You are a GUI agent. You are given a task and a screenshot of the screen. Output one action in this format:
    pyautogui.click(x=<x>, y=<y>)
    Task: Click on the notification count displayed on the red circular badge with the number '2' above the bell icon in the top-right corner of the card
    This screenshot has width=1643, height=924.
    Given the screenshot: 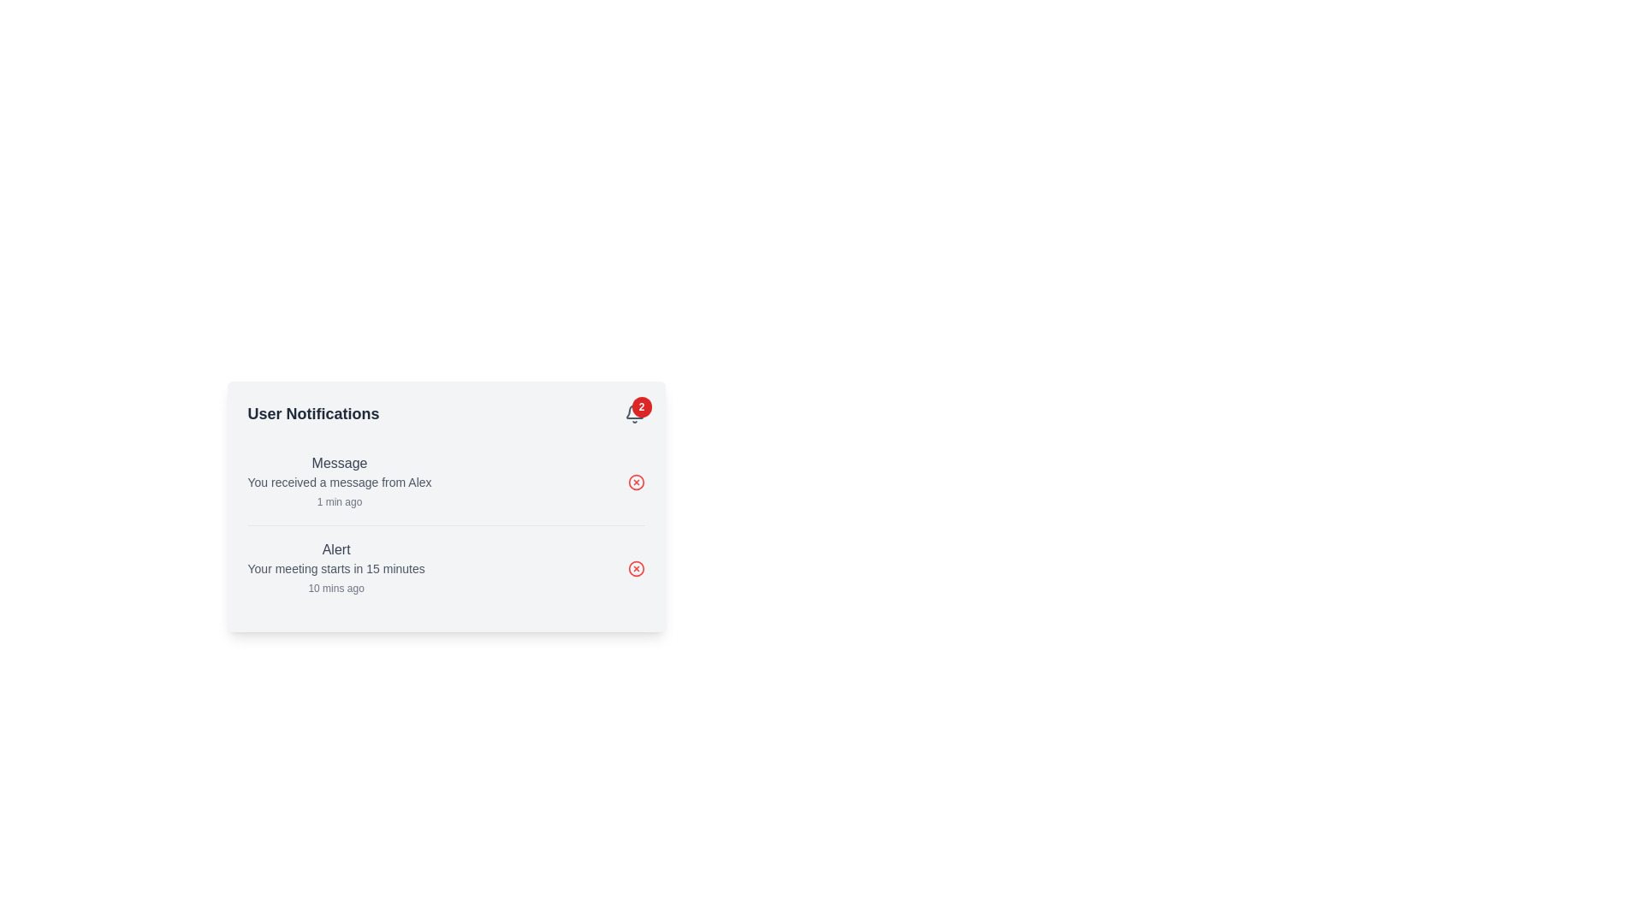 What is the action you would take?
    pyautogui.click(x=633, y=413)
    